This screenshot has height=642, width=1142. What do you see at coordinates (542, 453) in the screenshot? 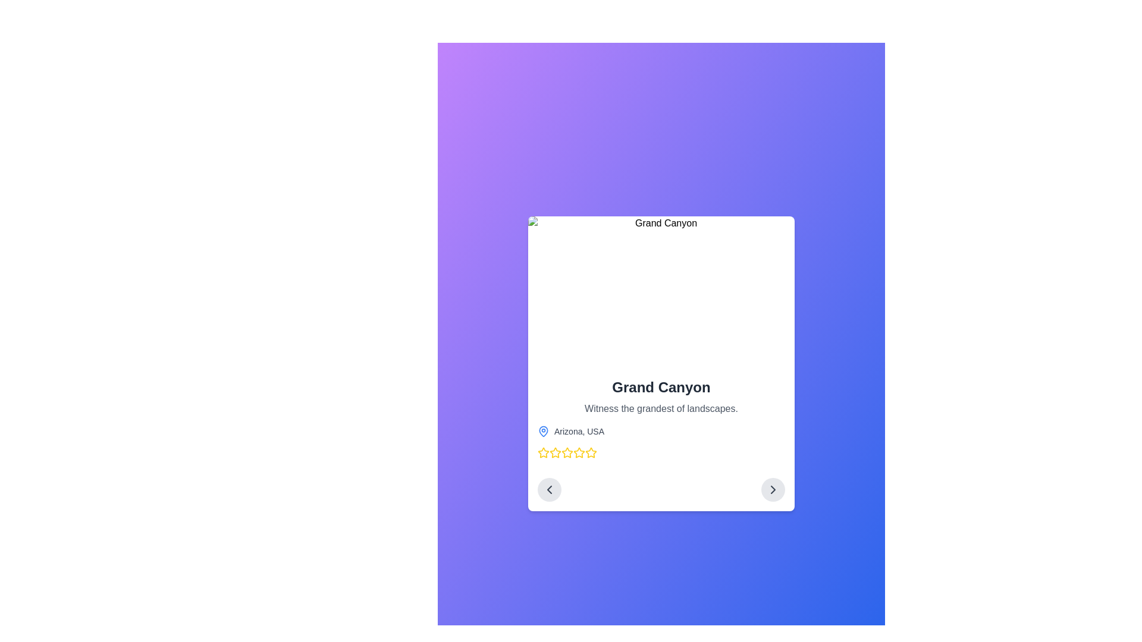
I see `the first star-shaped rating icon with a yellow outline located below the text 'Arizona, USA'` at bounding box center [542, 453].